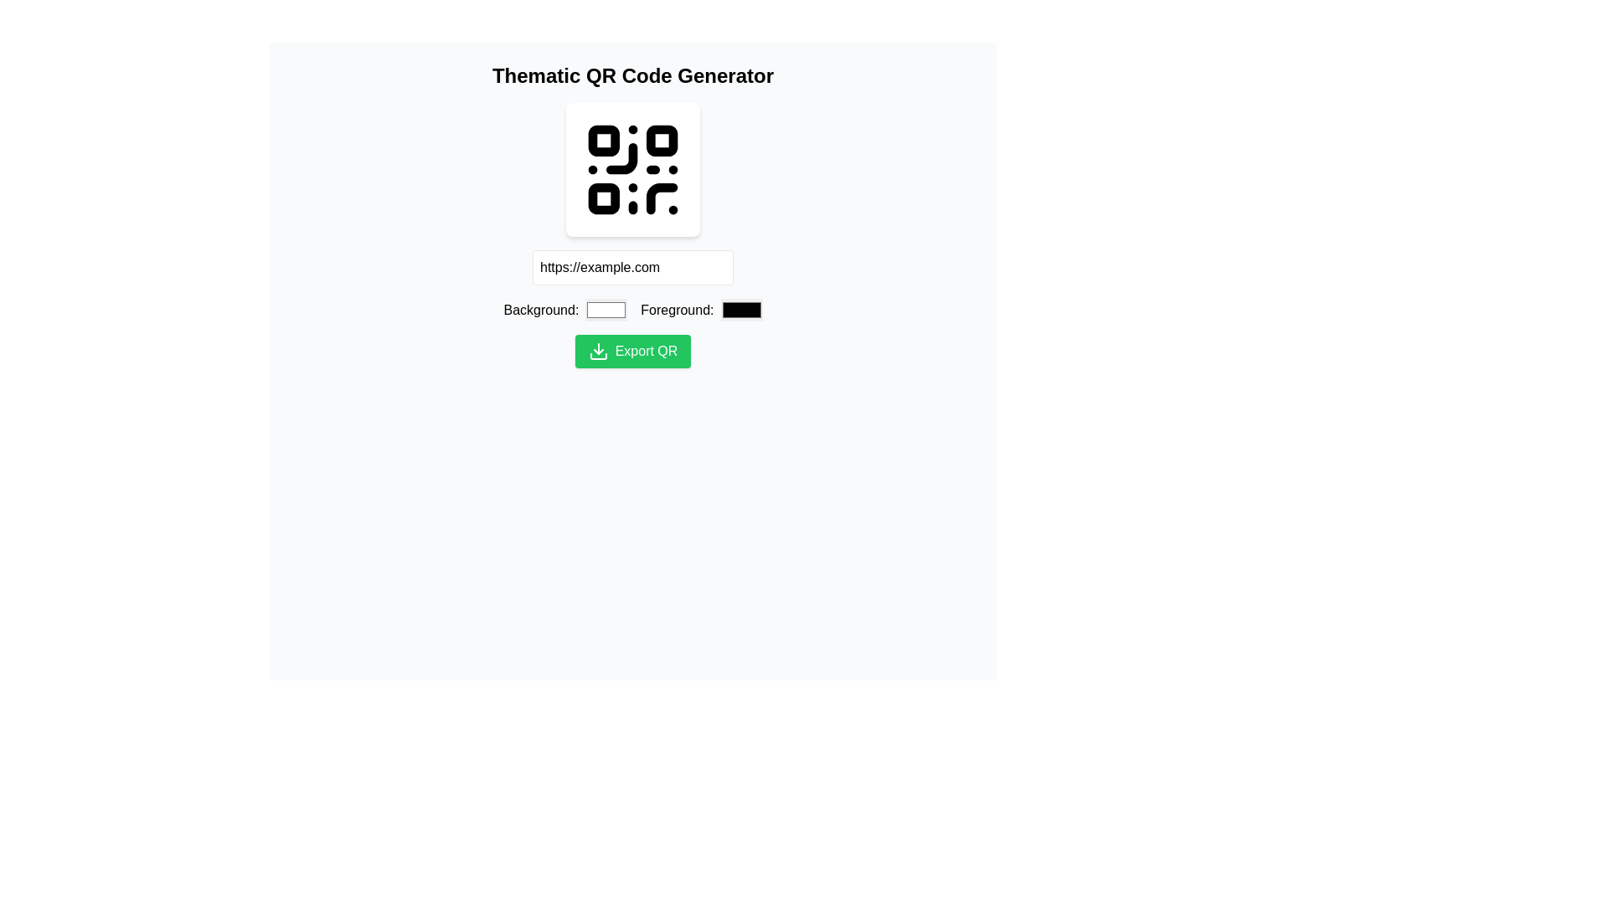 The width and height of the screenshot is (1608, 904). I want to click on second square in the first row of the QR code graphic located at the top-right corner, so click(661, 140).